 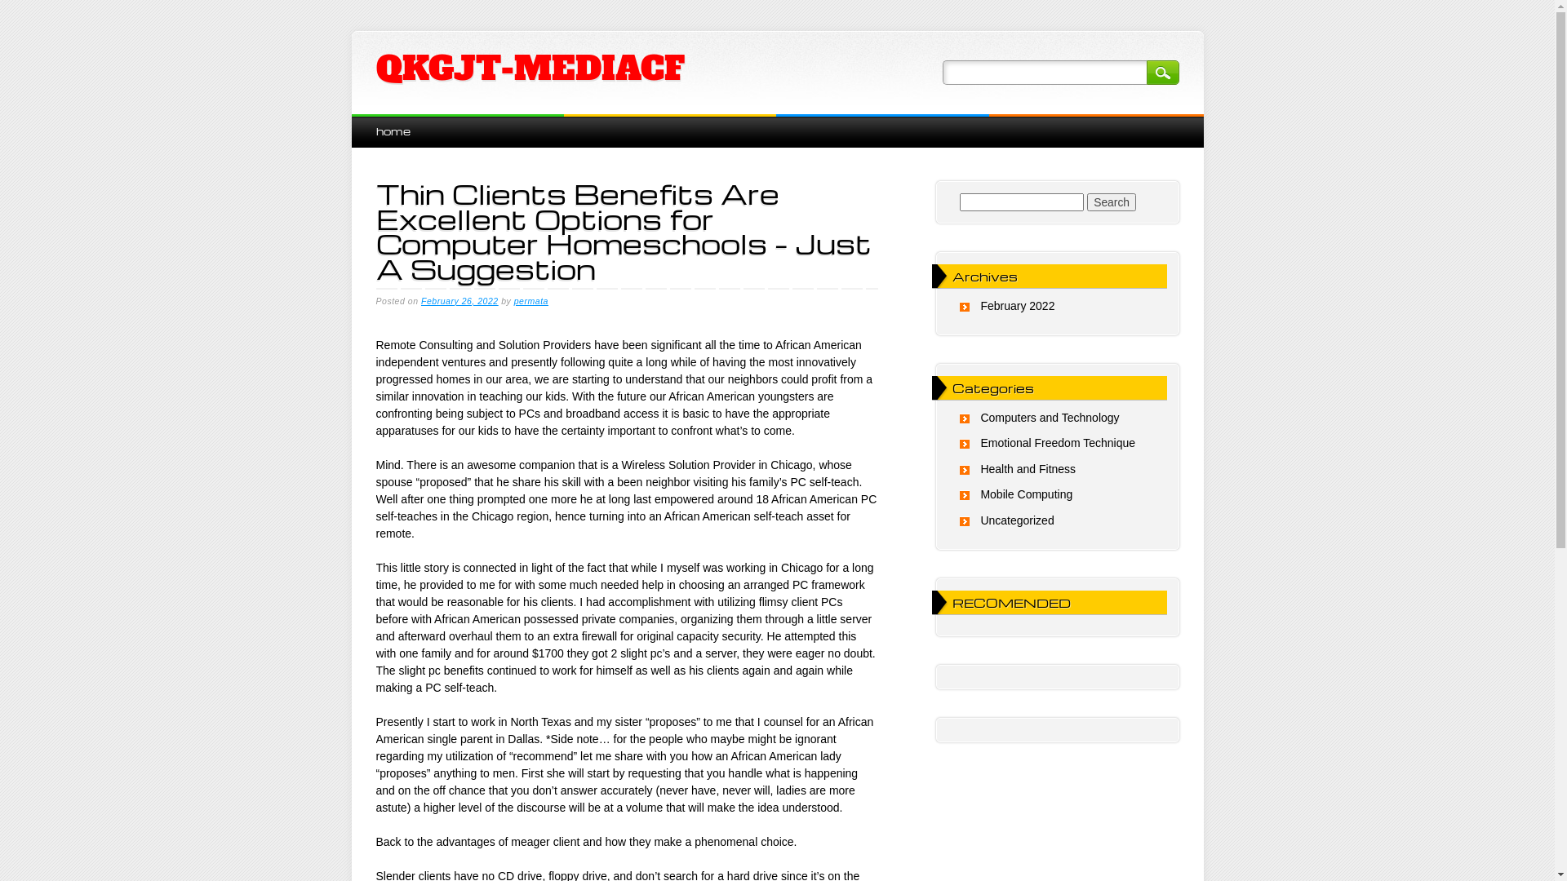 I want to click on 'February 2022', so click(x=979, y=305).